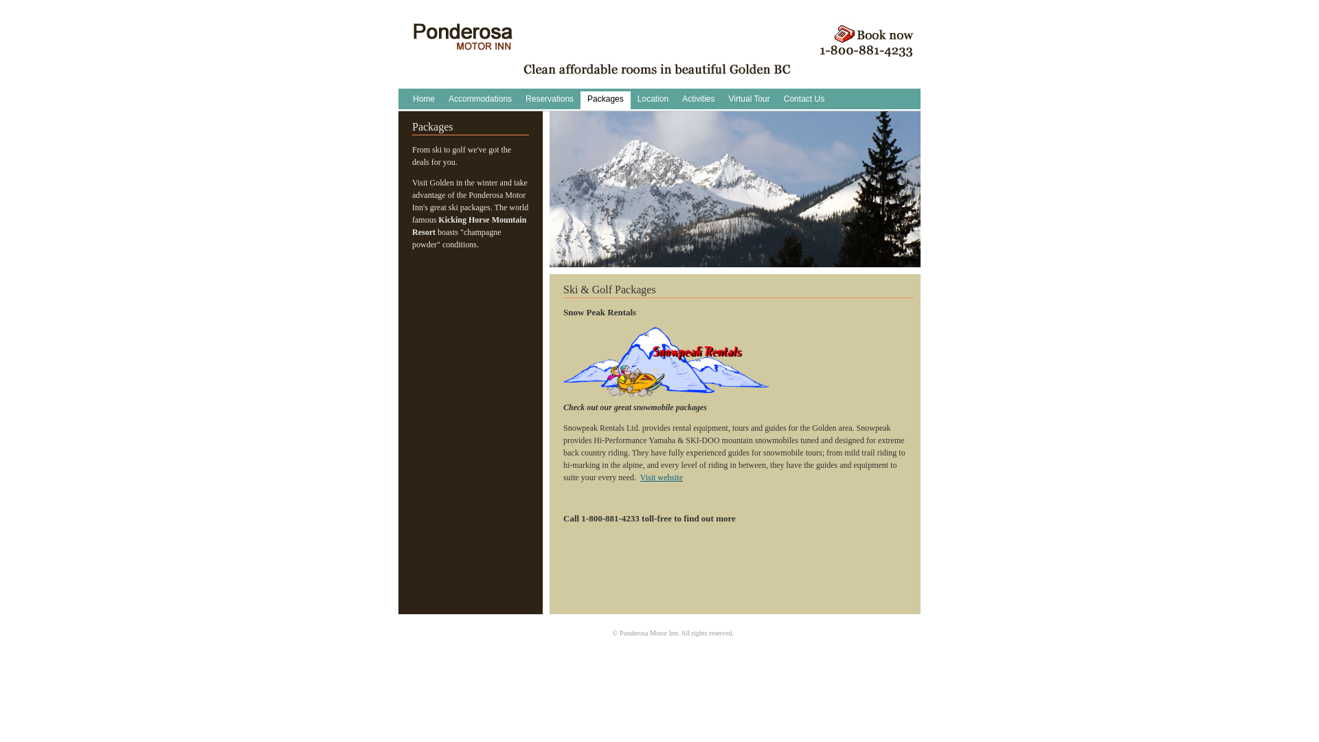  Describe the element at coordinates (462, 44) in the screenshot. I see `'Home'` at that location.